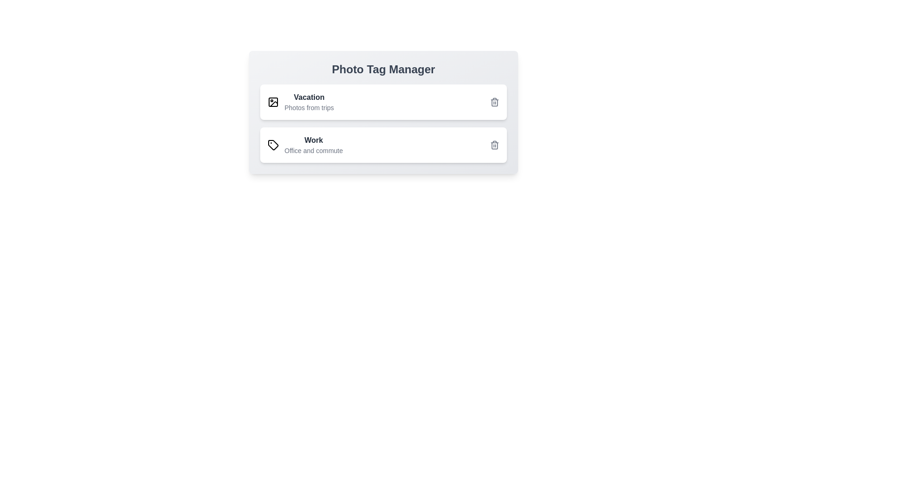 Image resolution: width=897 pixels, height=504 pixels. What do you see at coordinates (494, 102) in the screenshot?
I see `the trash icon associated with the tag Vacation to remove it` at bounding box center [494, 102].